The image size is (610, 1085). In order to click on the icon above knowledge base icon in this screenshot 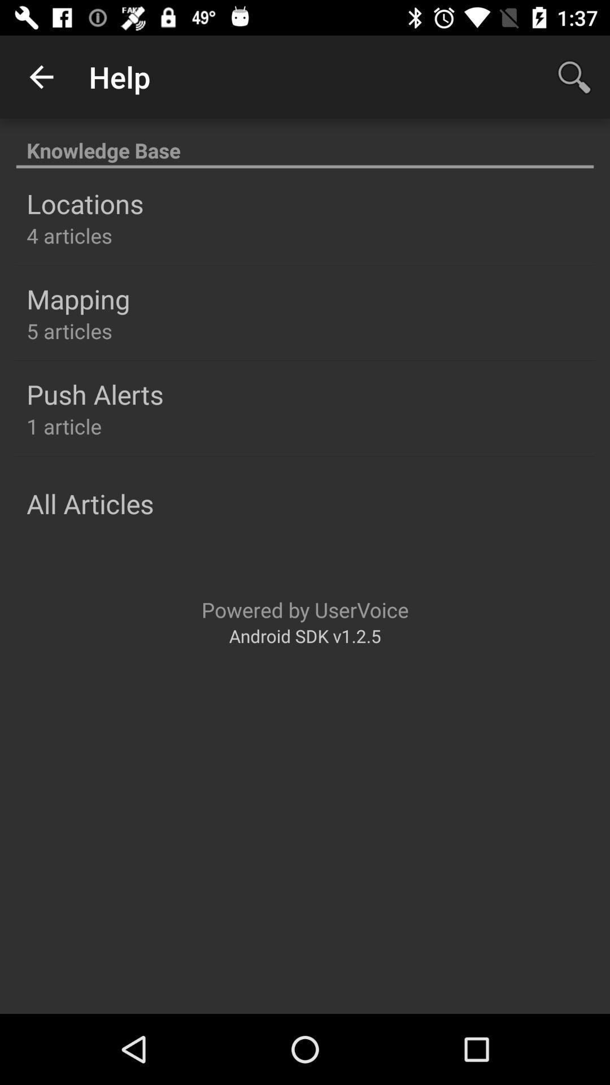, I will do `click(41, 76)`.